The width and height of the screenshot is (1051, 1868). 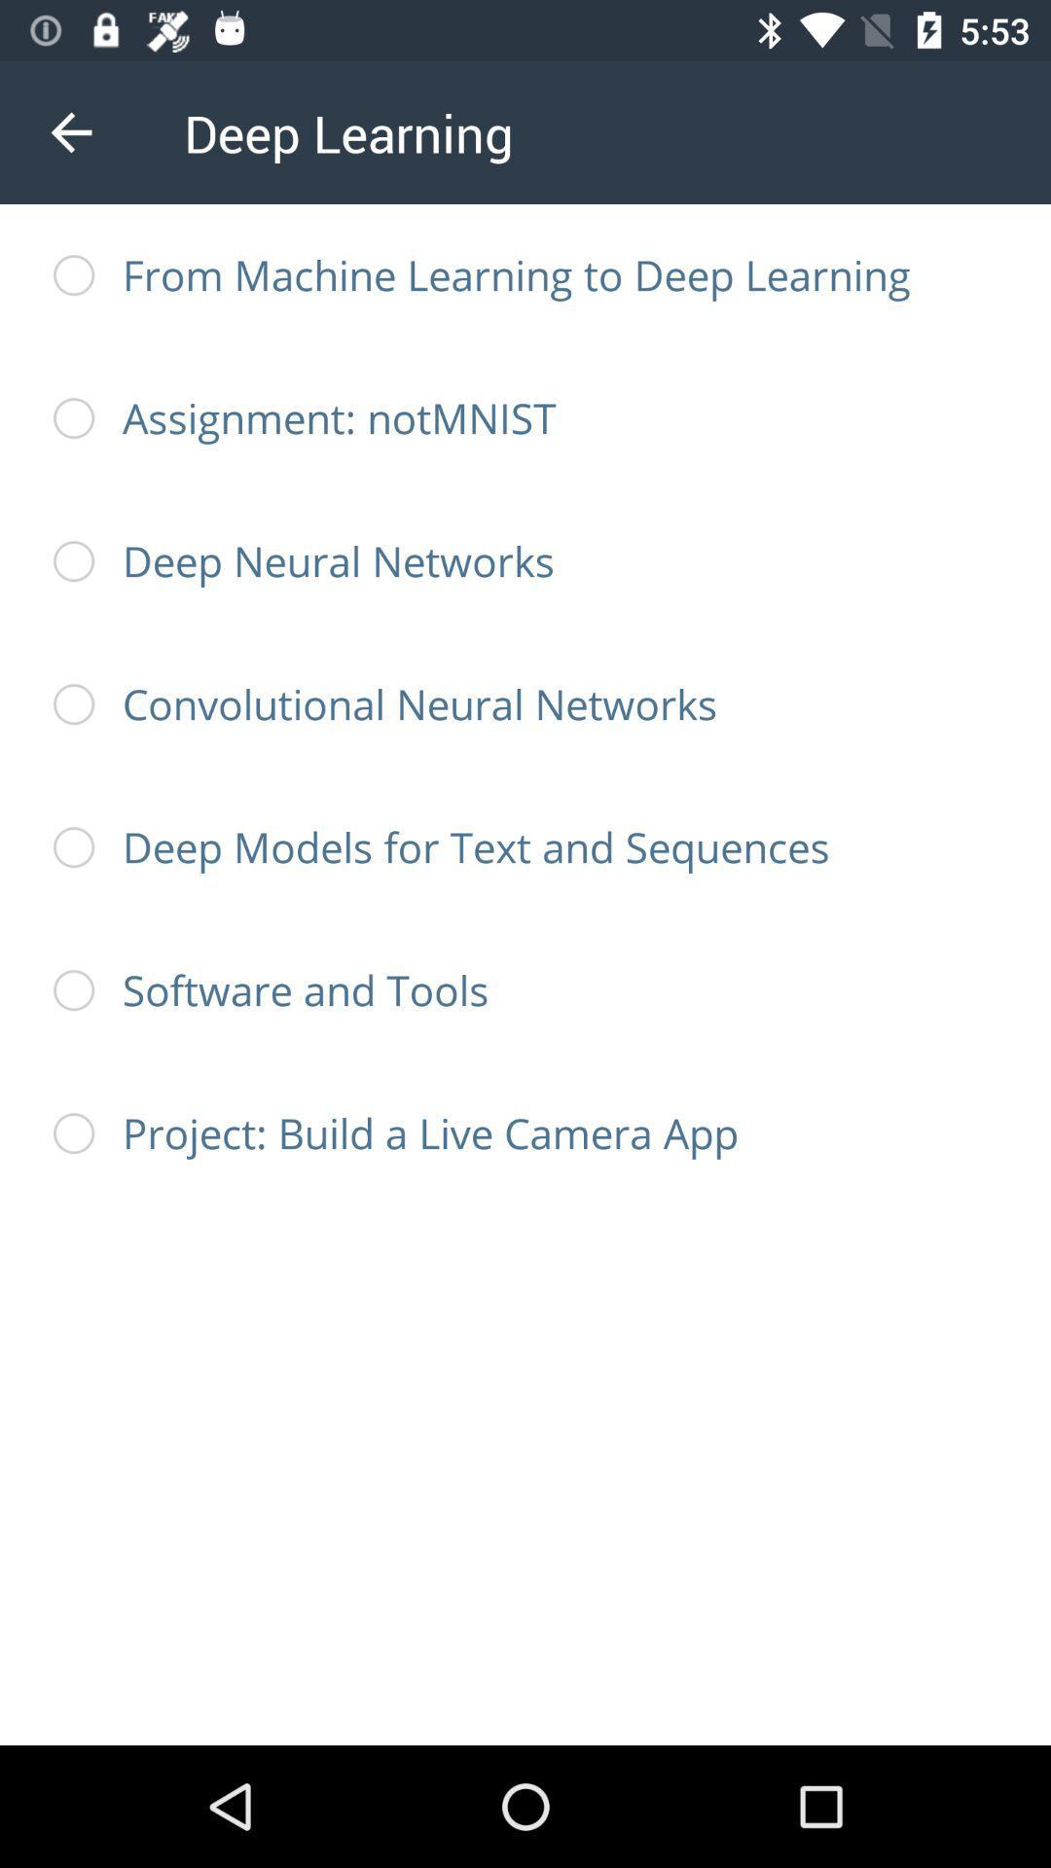 I want to click on second radio button from top, so click(x=73, y=417).